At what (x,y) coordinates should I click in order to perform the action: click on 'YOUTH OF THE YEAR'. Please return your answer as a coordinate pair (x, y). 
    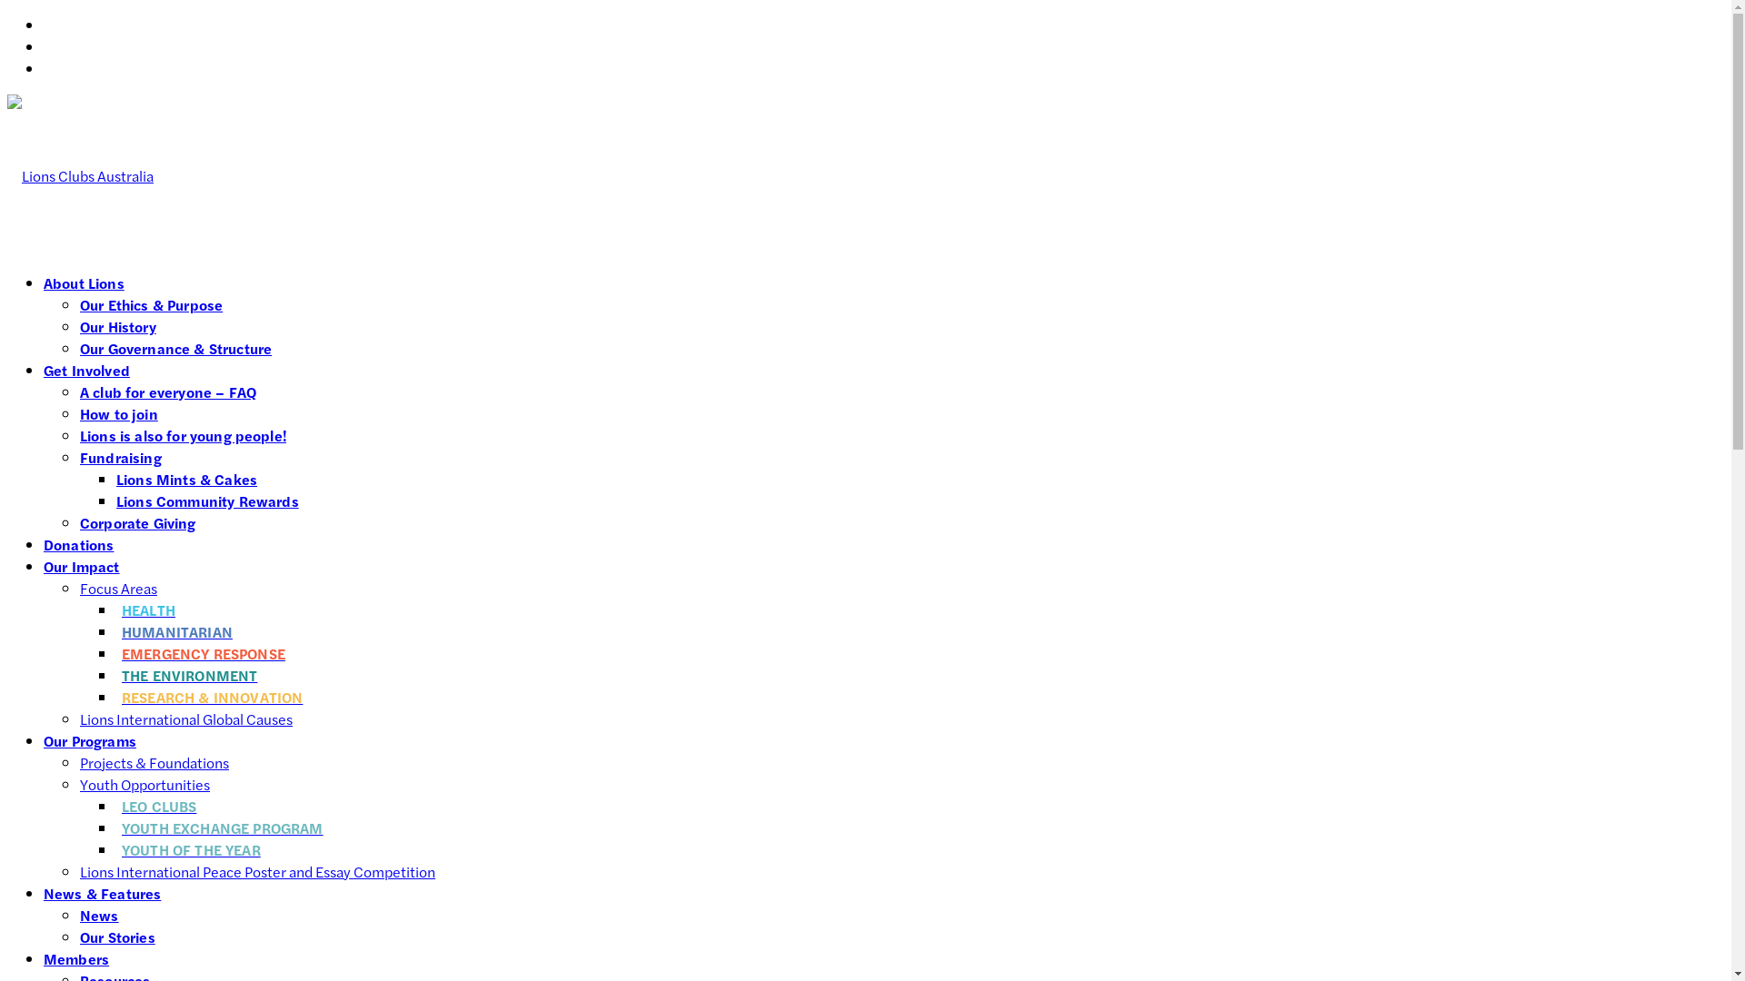
    Looking at the image, I should click on (190, 850).